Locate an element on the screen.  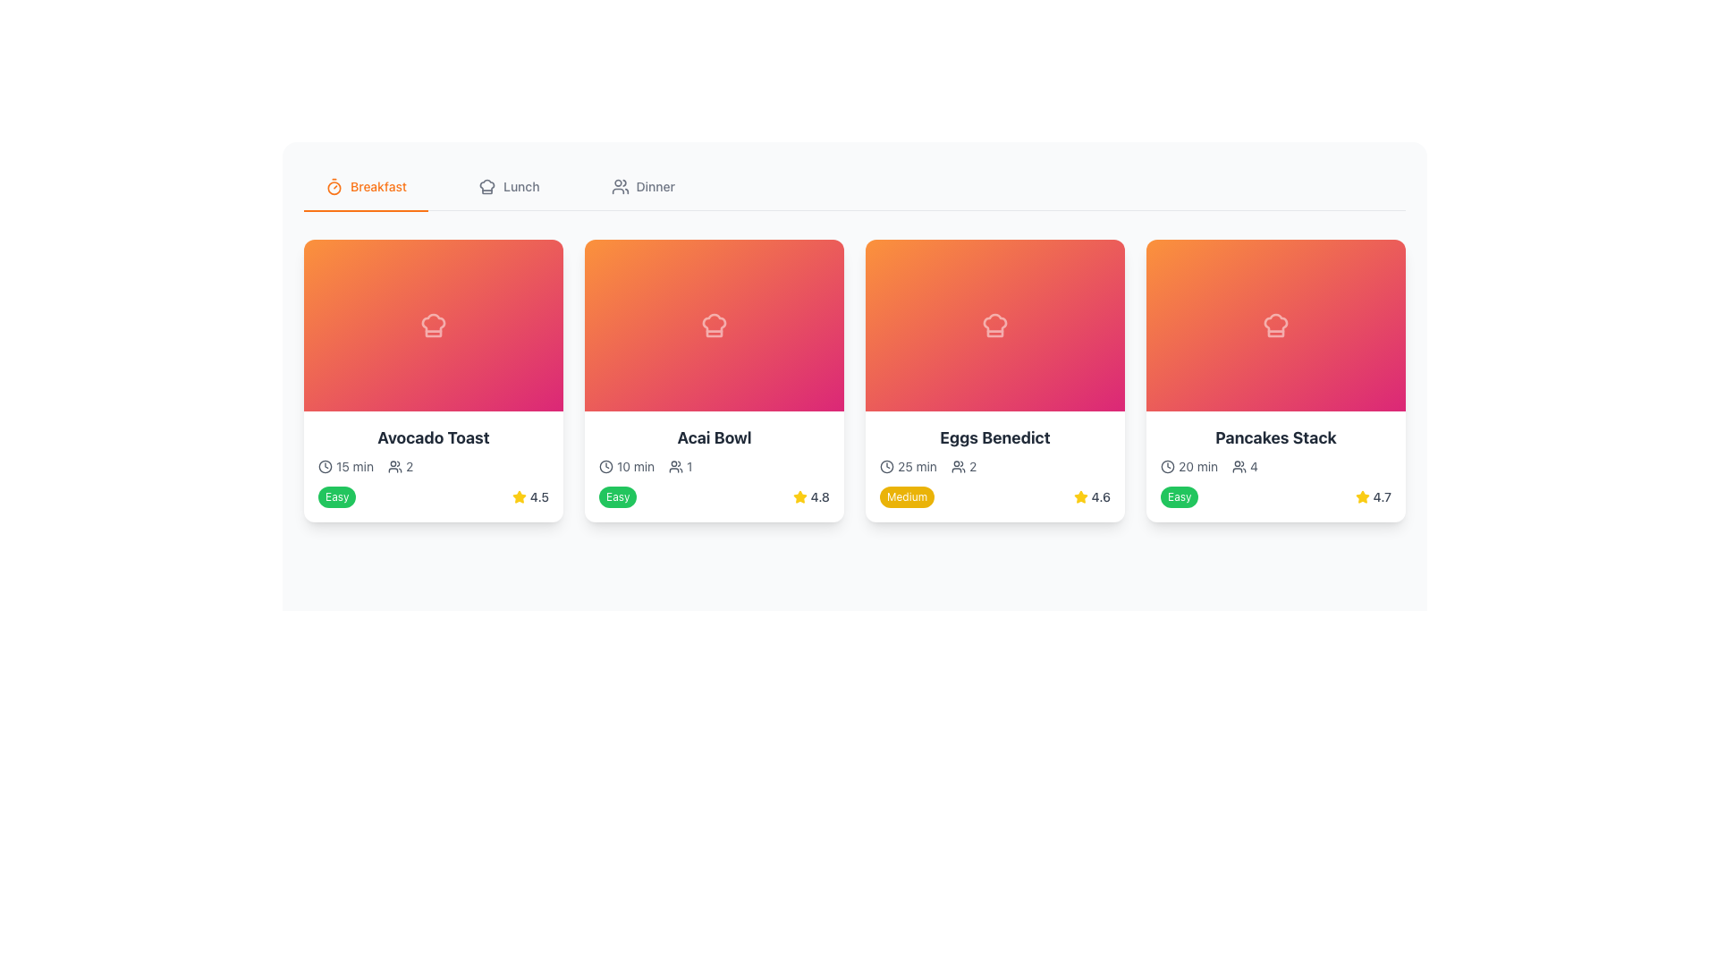
the difficulty level label located in the bottom-left section of the 'Pancakes Stack' card, below the preparation details is located at coordinates (1180, 496).